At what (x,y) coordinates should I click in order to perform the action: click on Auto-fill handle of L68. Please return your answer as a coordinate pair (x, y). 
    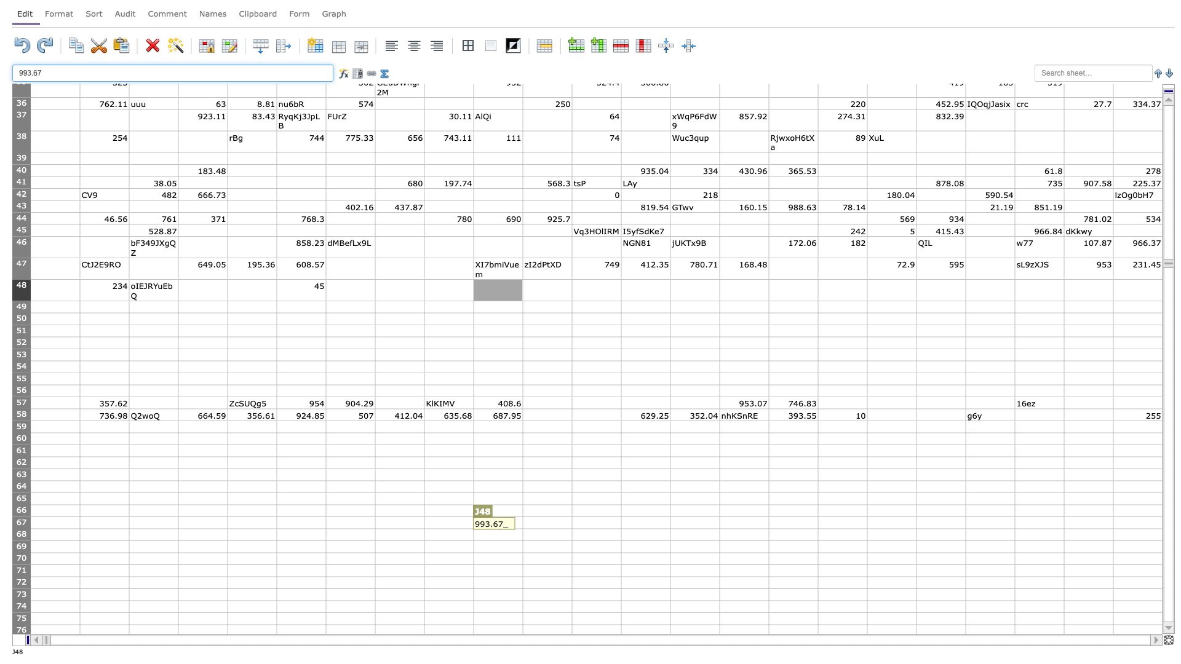
    Looking at the image, I should click on (621, 540).